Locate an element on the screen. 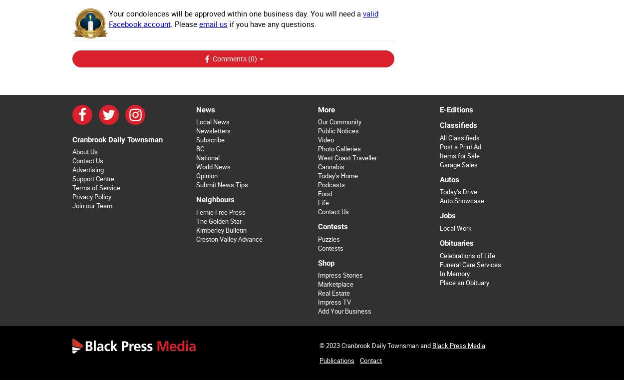 Image resolution: width=624 pixels, height=380 pixels. 'Impress TV' is located at coordinates (334, 302).